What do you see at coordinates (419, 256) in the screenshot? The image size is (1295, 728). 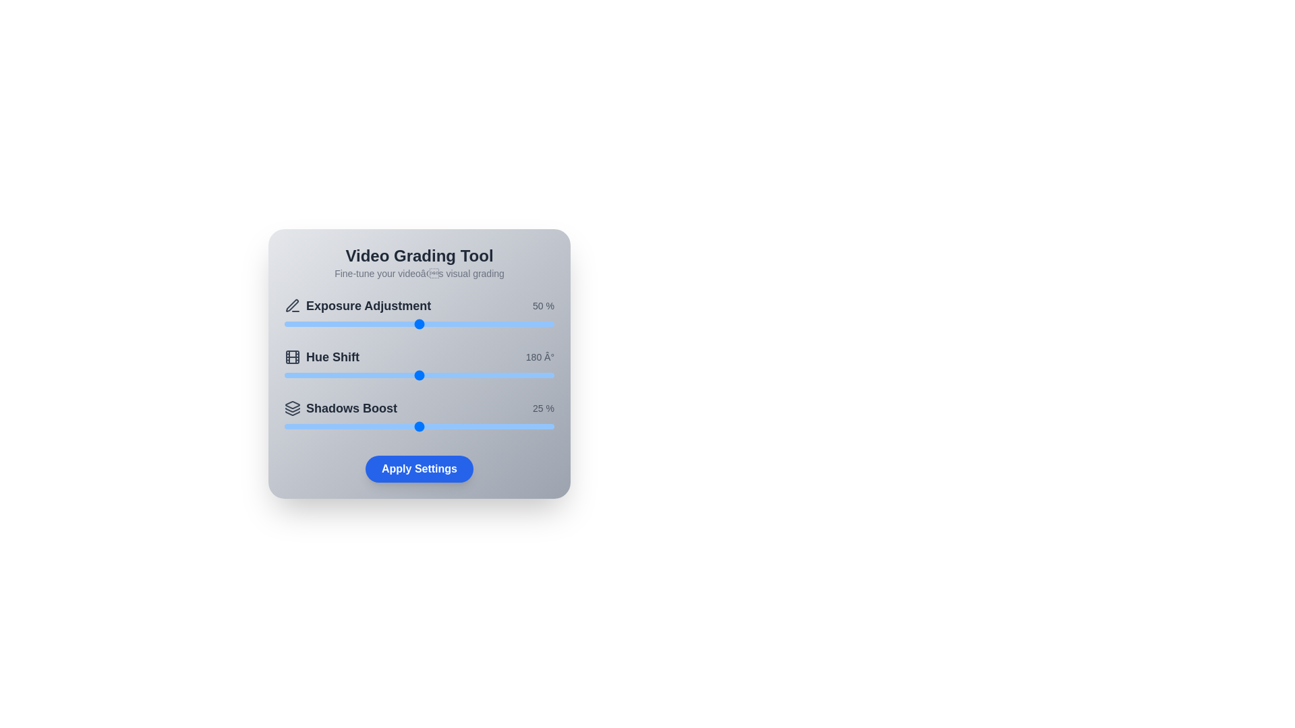 I see `the Text Label that serves as the title for the video grading tool interface, located above the text 'Fine-tune your video’s visual grading'` at bounding box center [419, 256].